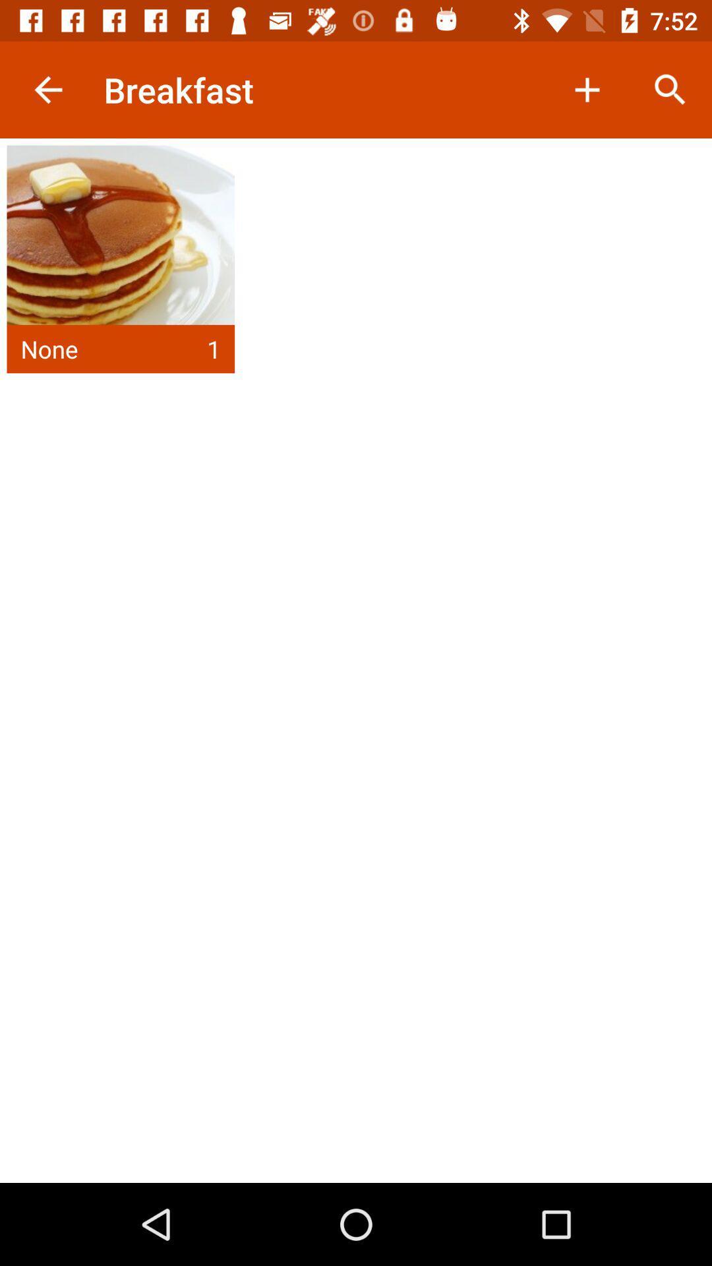 The width and height of the screenshot is (712, 1266). I want to click on the app to the right of breakfast app, so click(587, 89).